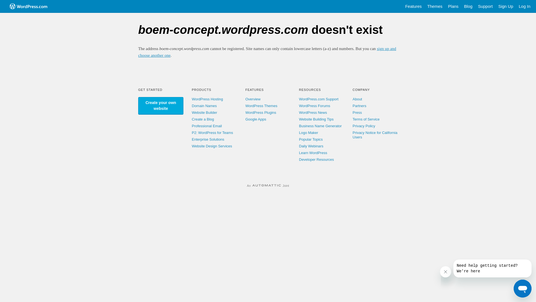  Describe the element at coordinates (522, 289) in the screenshot. I see `'Button to launch messaging window'` at that location.